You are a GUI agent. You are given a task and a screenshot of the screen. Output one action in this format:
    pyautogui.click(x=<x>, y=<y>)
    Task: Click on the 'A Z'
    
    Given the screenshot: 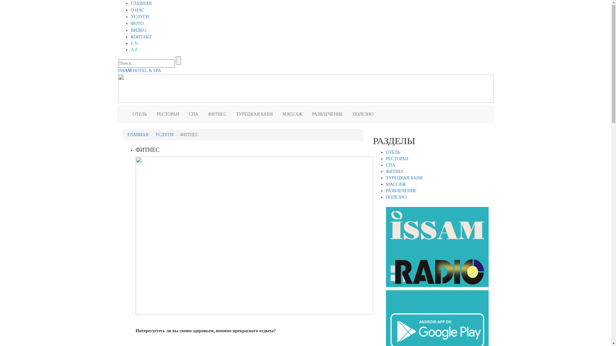 What is the action you would take?
    pyautogui.click(x=134, y=49)
    